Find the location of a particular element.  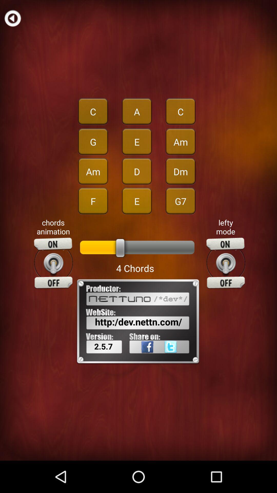

item at the top left corner is located at coordinates (12, 18).